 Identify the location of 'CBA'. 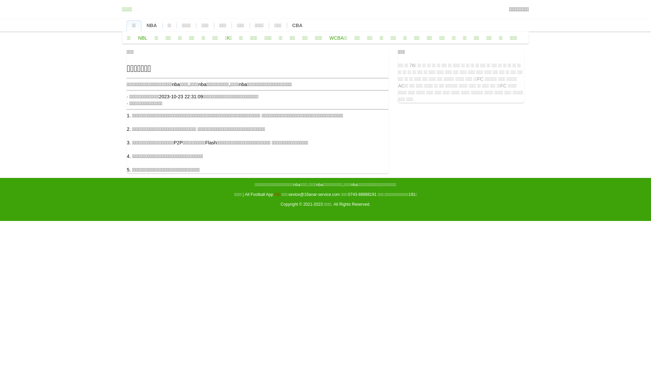
(297, 25).